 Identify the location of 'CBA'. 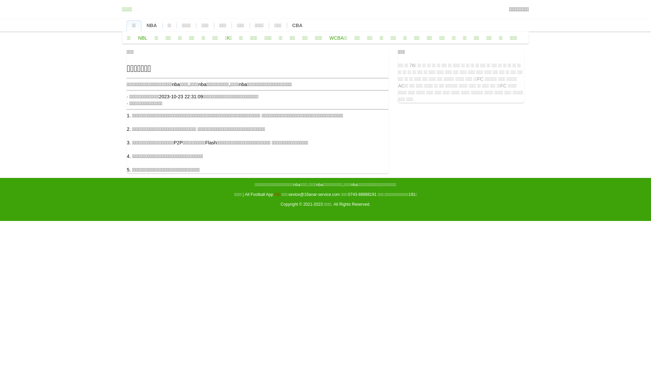
(297, 25).